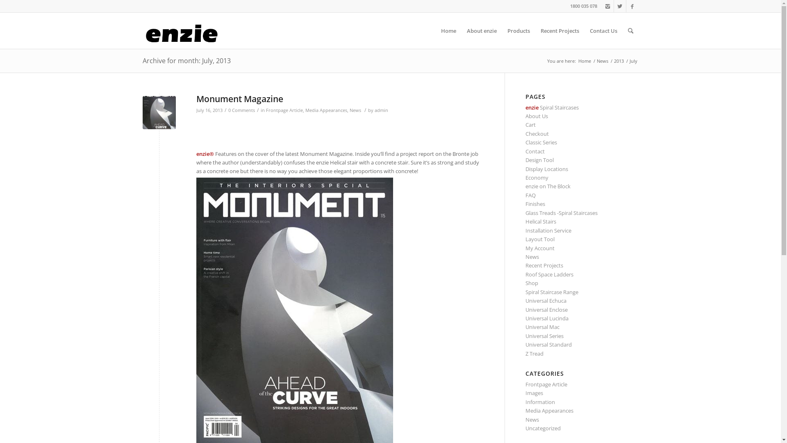  Describe the element at coordinates (607, 6) in the screenshot. I see `'Instagram'` at that location.